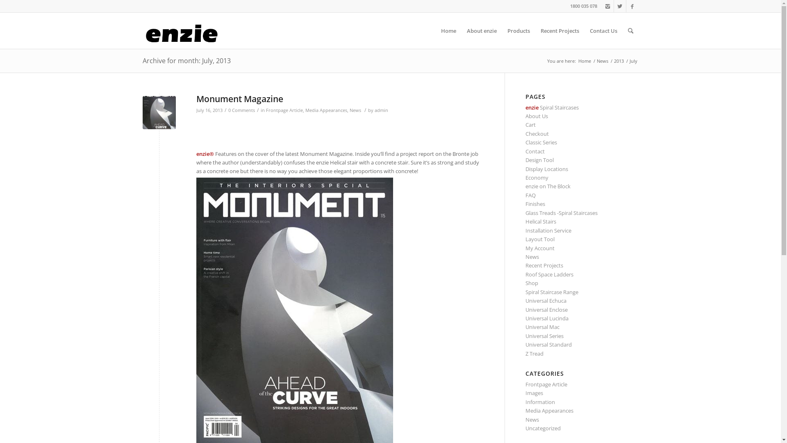  Describe the element at coordinates (607, 6) in the screenshot. I see `'Instagram'` at that location.